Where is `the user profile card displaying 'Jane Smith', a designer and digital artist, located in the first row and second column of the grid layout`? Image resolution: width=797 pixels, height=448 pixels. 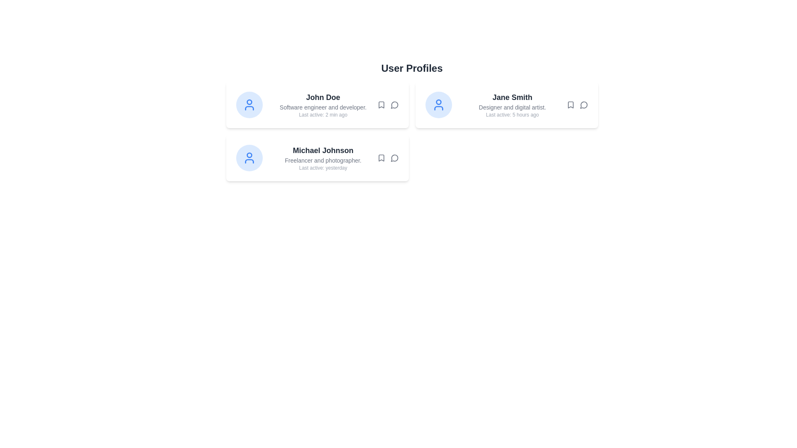 the user profile card displaying 'Jane Smith', a designer and digital artist, located in the first row and second column of the grid layout is located at coordinates (506, 105).